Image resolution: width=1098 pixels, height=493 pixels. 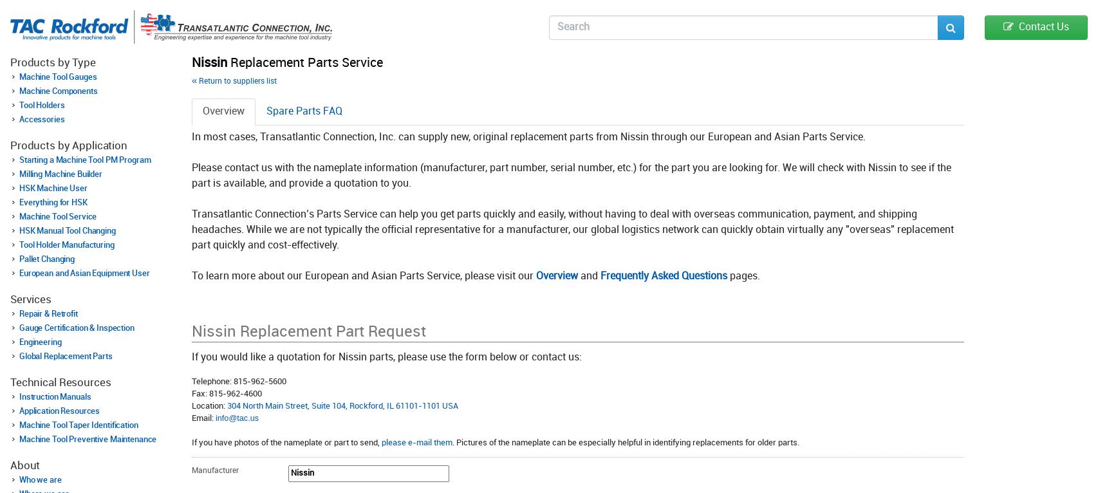 I want to click on 'Nissin', so click(x=209, y=62).